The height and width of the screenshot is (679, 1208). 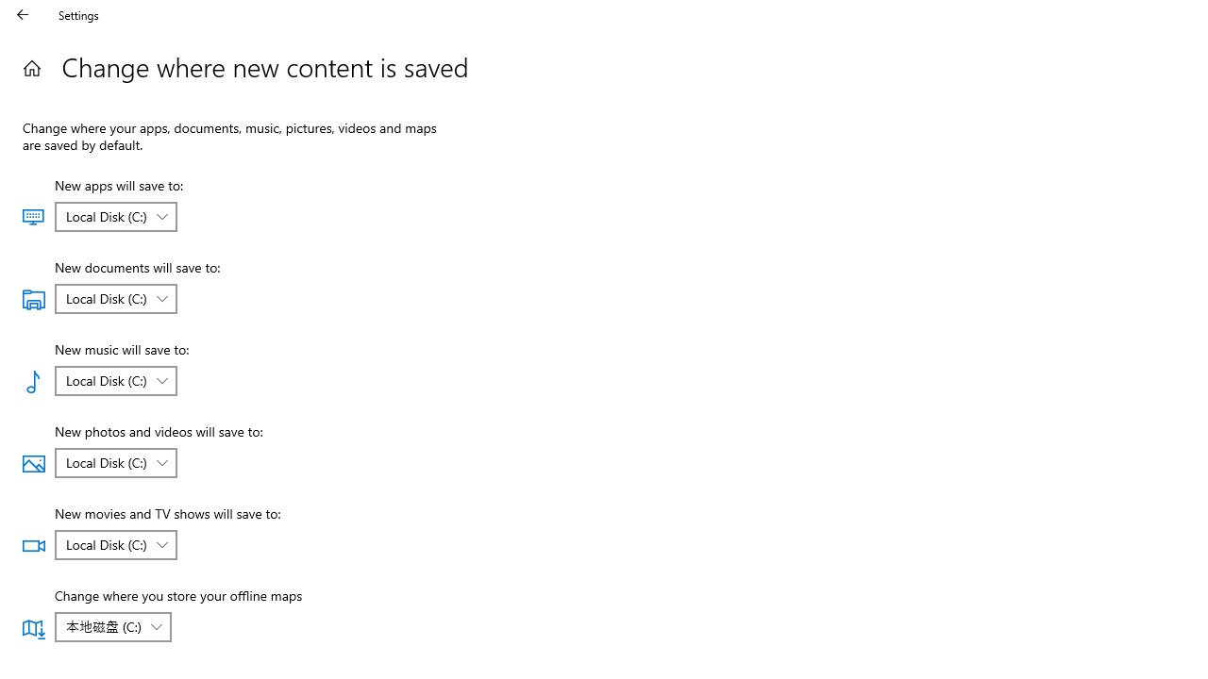 What do you see at coordinates (23, 14) in the screenshot?
I see `'Back'` at bounding box center [23, 14].